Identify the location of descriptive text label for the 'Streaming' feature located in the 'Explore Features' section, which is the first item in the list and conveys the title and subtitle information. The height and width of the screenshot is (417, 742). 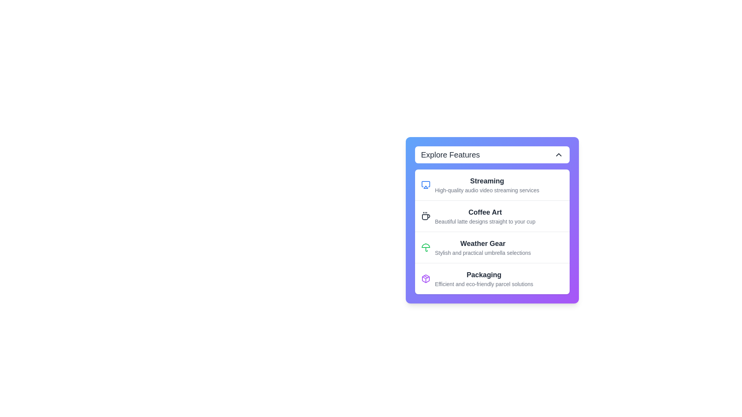
(487, 185).